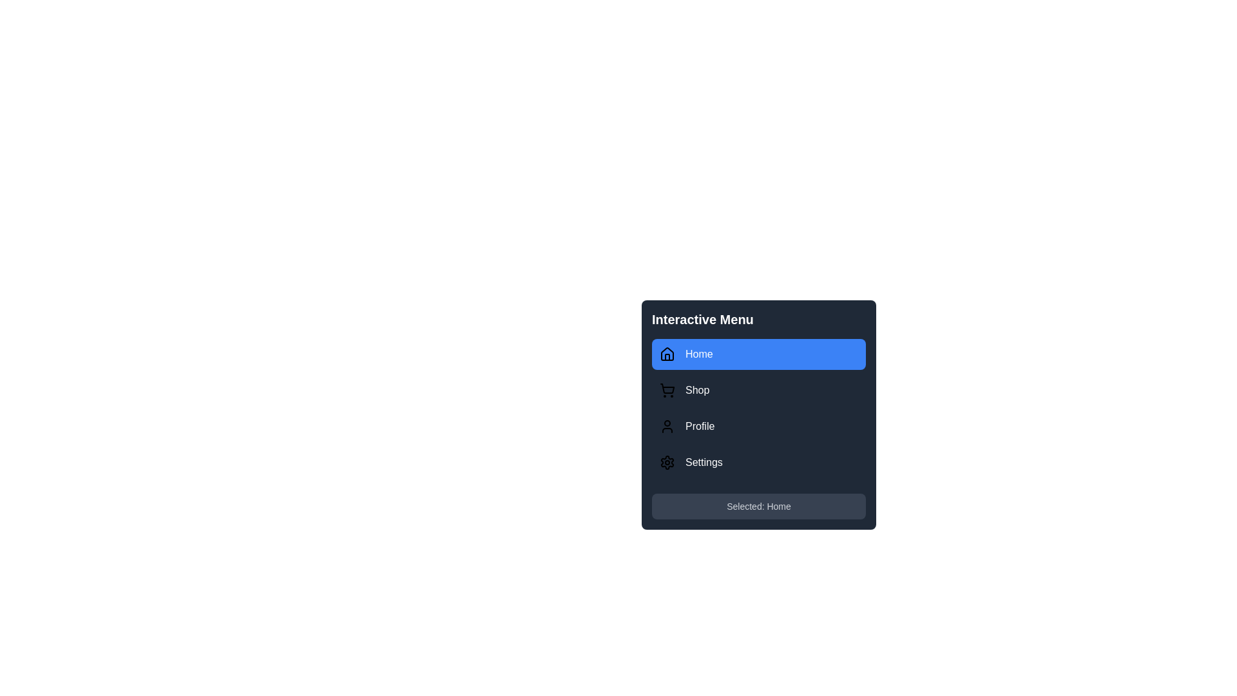 Image resolution: width=1237 pixels, height=696 pixels. I want to click on the decorative portion of the 'Settings' icon, which is located under the 'Profile' option in the menu layout, so click(667, 461).